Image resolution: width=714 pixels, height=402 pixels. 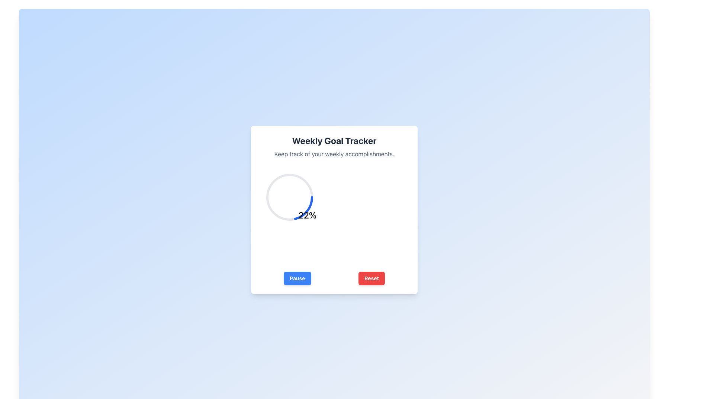 What do you see at coordinates (372, 278) in the screenshot?
I see `the 'Reset' button located at the bottom-right section of the interface to observe its hover effects` at bounding box center [372, 278].